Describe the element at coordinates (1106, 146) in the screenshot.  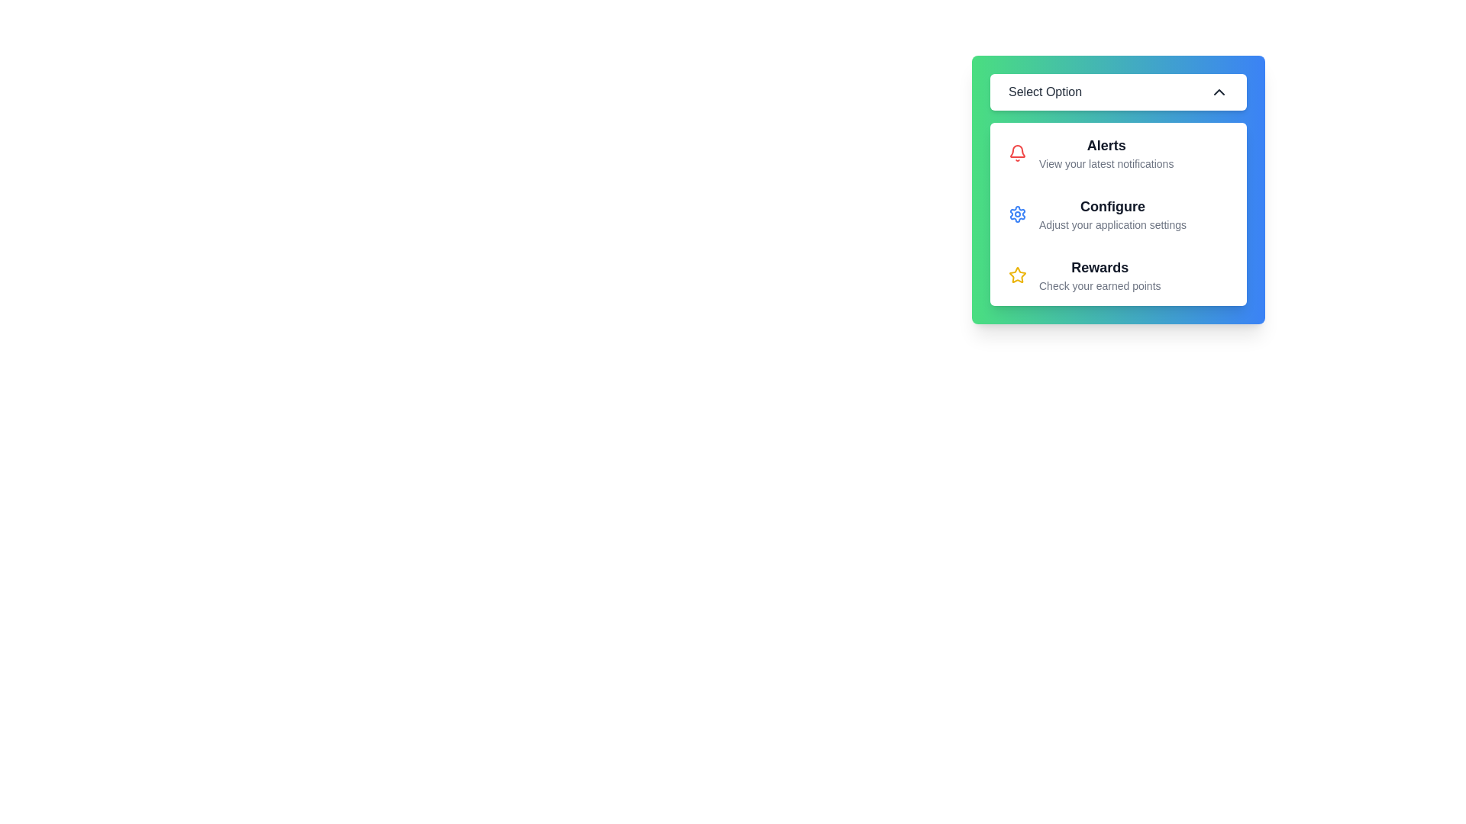
I see `the static text label that serves as the header for the notification-related section in the dropdown menu, located under the 'Select Option' label` at that location.